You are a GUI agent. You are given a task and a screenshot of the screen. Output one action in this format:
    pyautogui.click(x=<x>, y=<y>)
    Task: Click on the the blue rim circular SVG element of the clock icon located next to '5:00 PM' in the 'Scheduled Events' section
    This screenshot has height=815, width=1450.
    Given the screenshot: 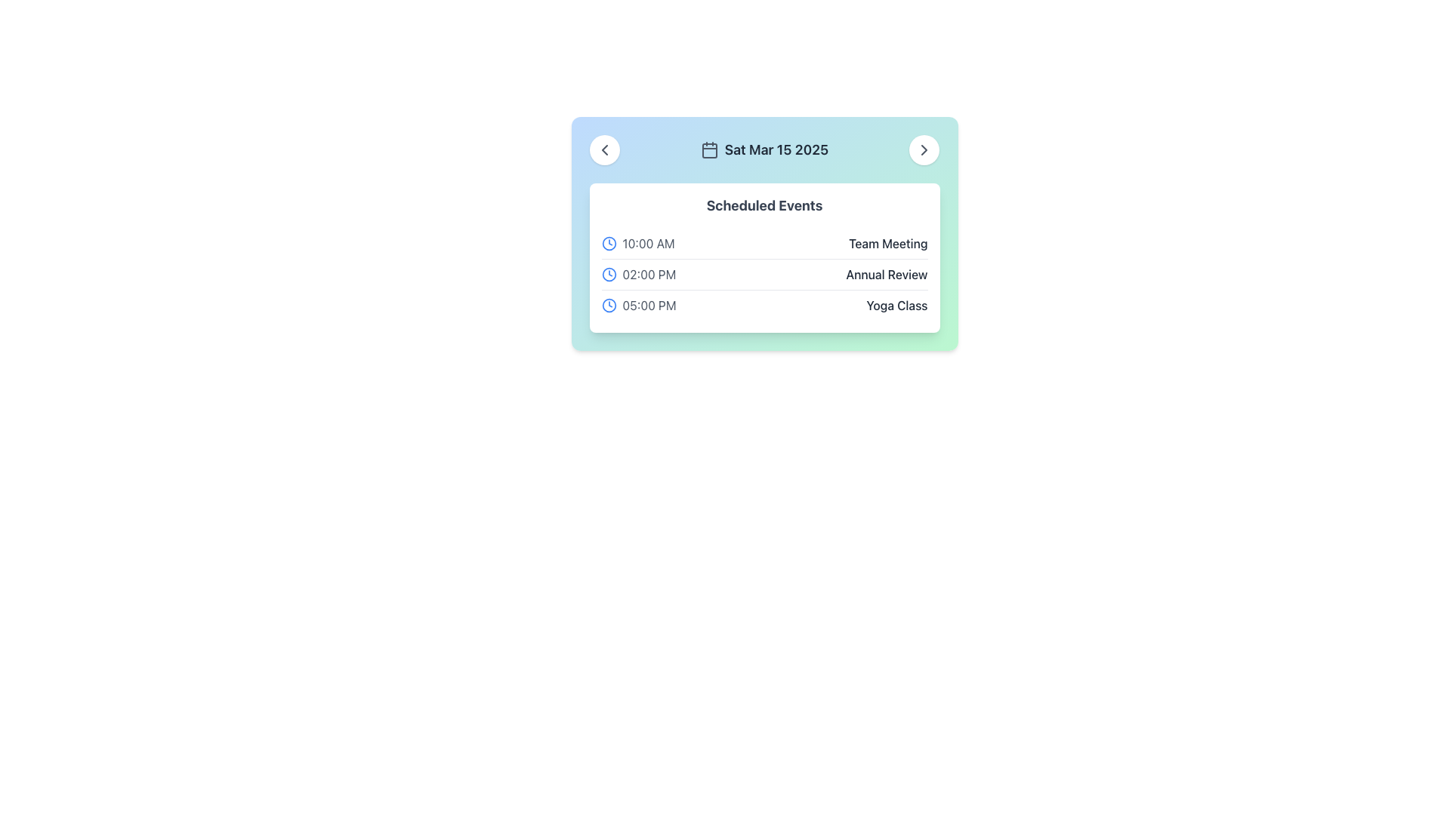 What is the action you would take?
    pyautogui.click(x=609, y=306)
    